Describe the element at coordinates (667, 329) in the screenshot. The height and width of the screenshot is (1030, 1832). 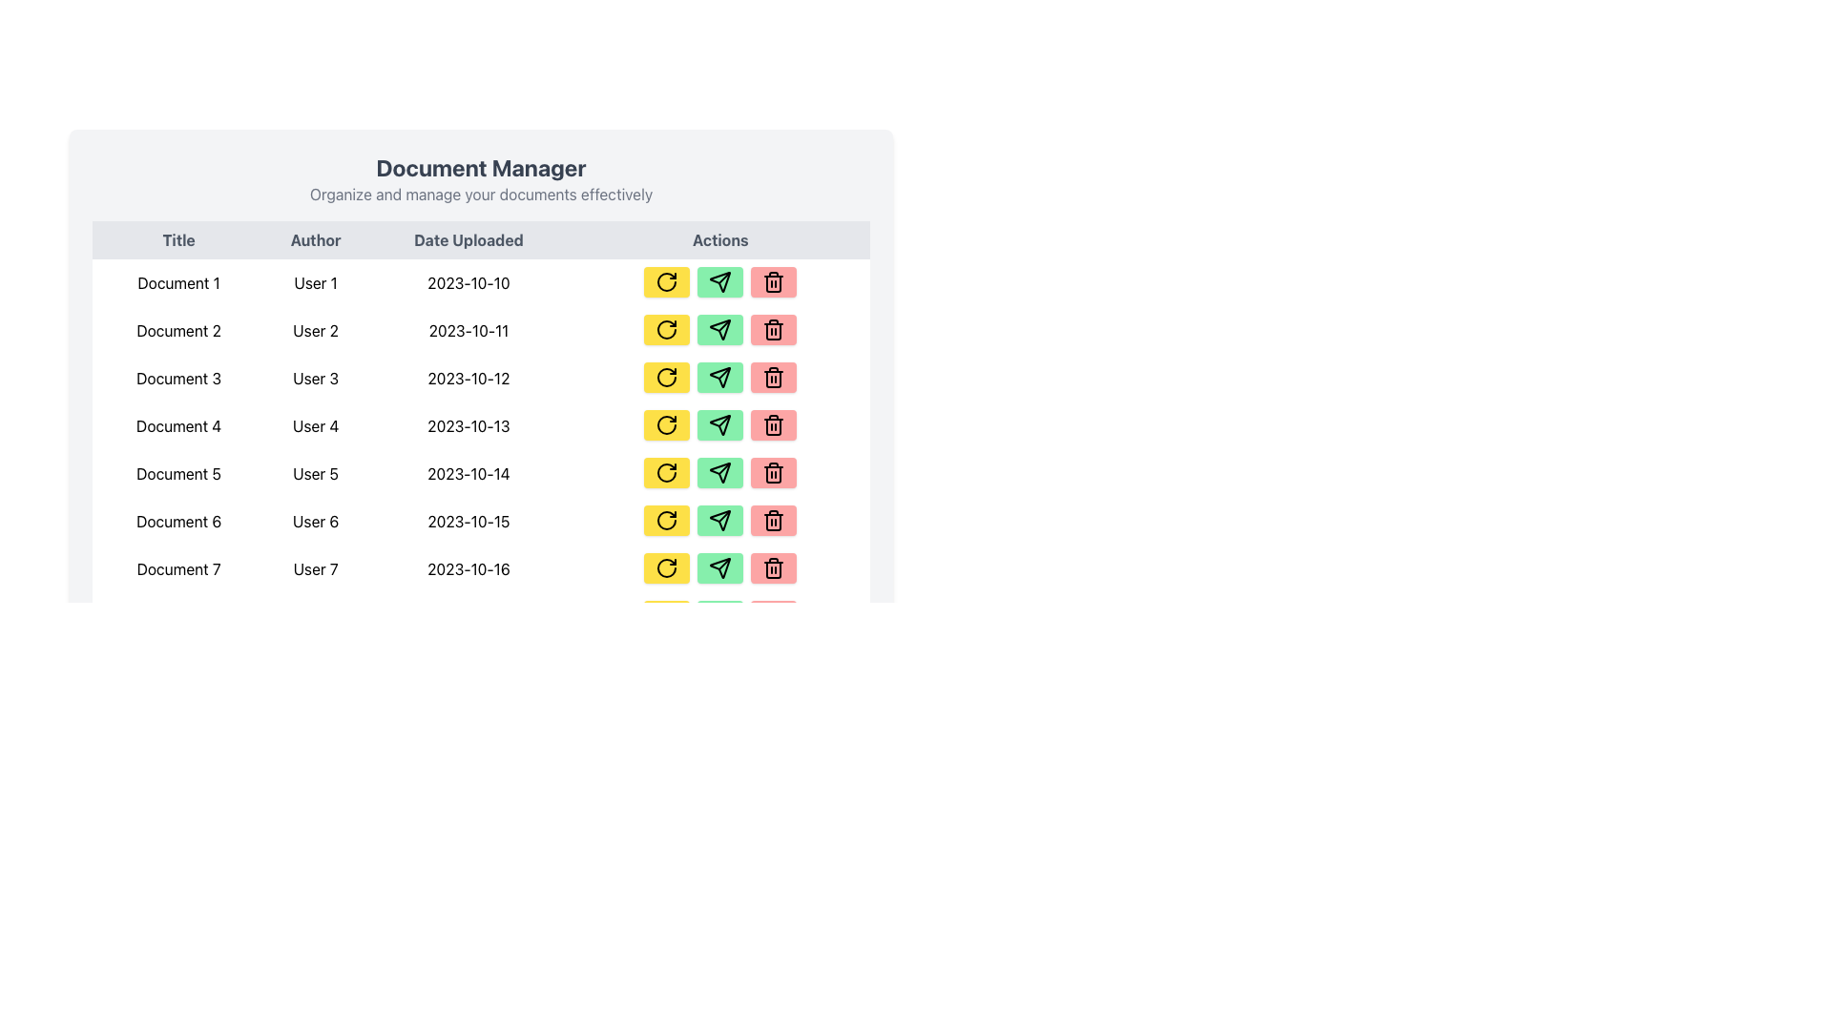
I see `the refresh icon button located in the first position of the second row in the 'Actions' column of the table` at that location.